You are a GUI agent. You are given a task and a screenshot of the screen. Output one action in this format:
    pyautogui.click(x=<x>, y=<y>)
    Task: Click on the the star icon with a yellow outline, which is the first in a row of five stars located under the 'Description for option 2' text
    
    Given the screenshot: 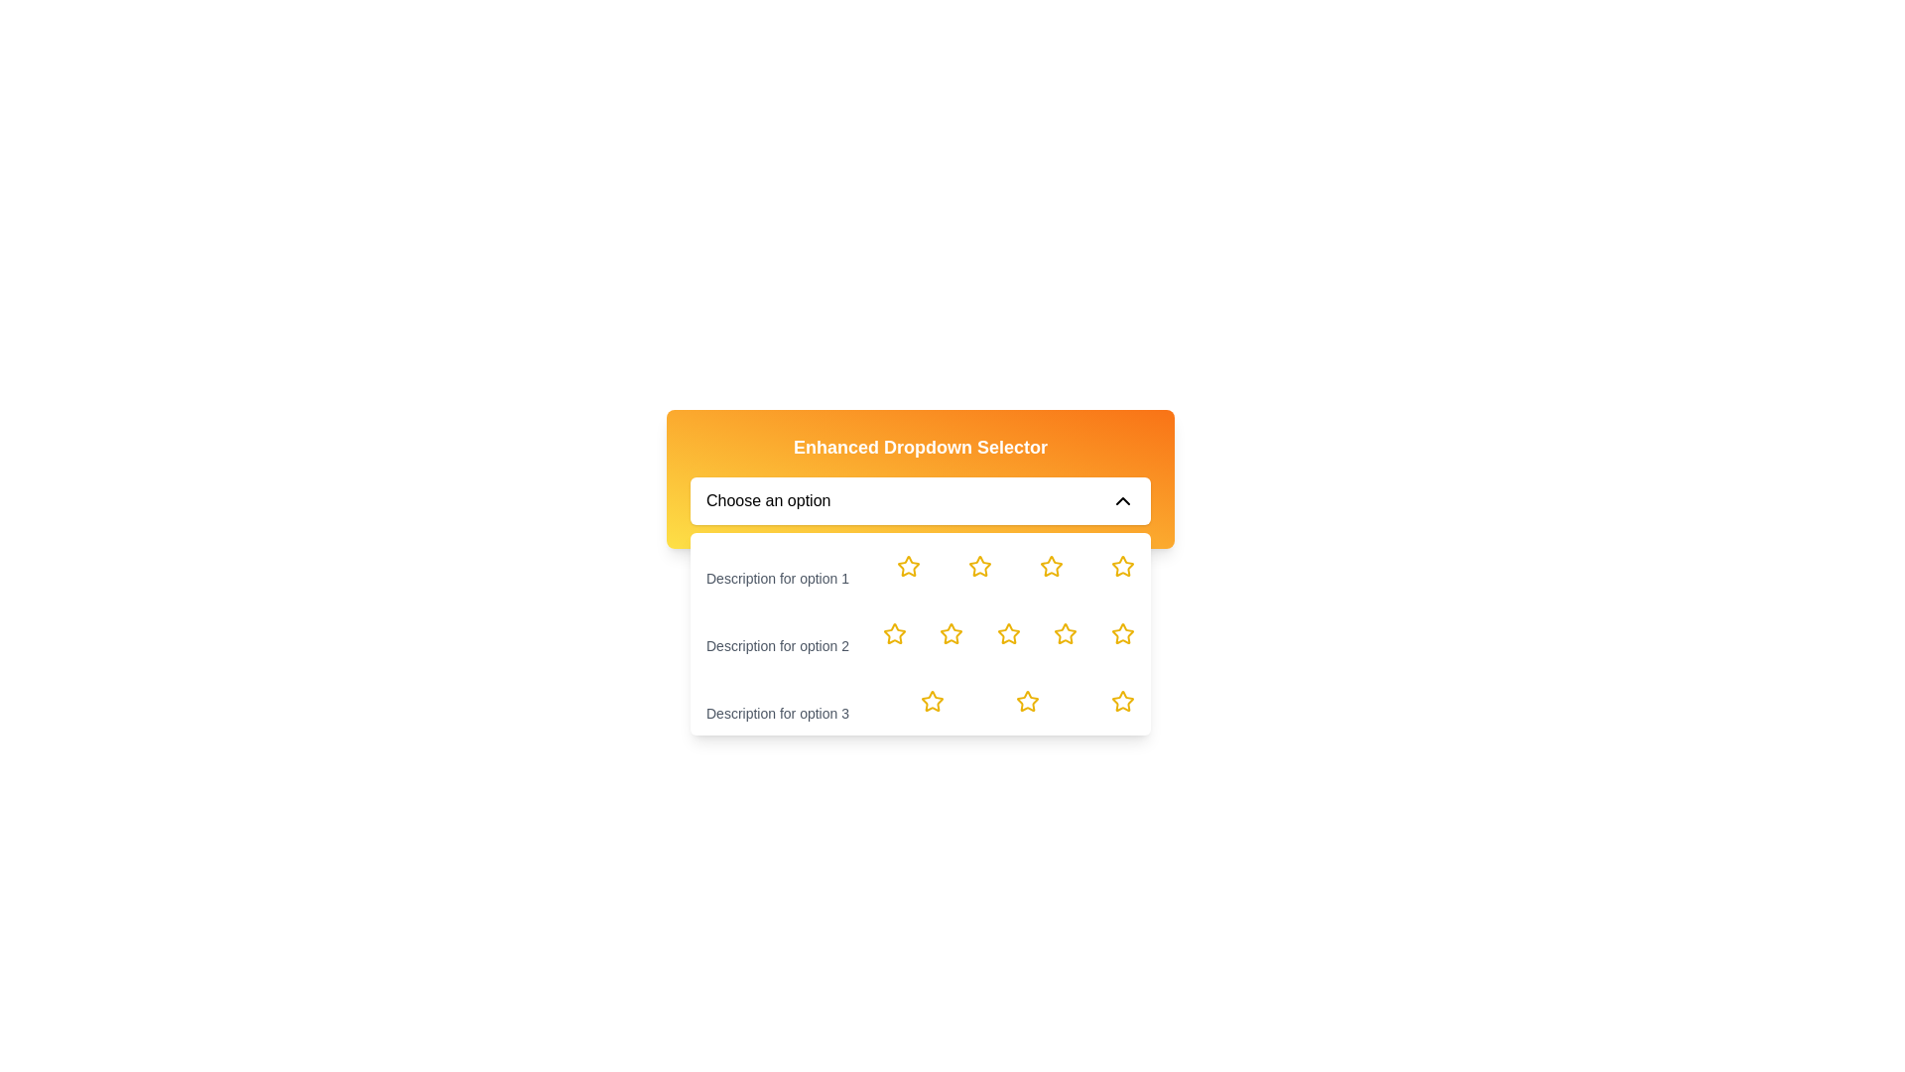 What is the action you would take?
    pyautogui.click(x=893, y=634)
    